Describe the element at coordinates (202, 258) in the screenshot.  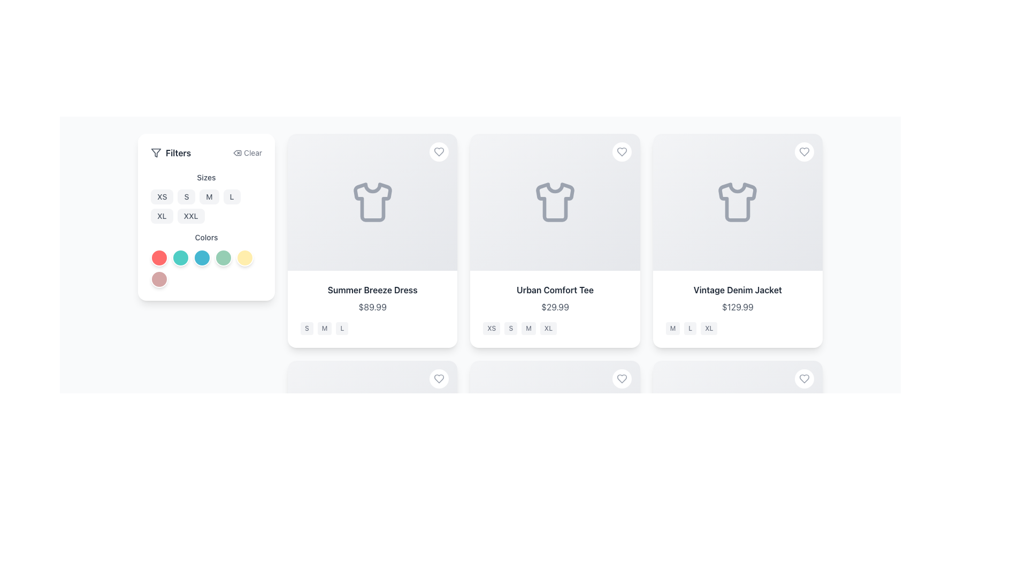
I see `the third circular button with a light blue background and white border in the 'Colors' section of the filter selection panel` at that location.